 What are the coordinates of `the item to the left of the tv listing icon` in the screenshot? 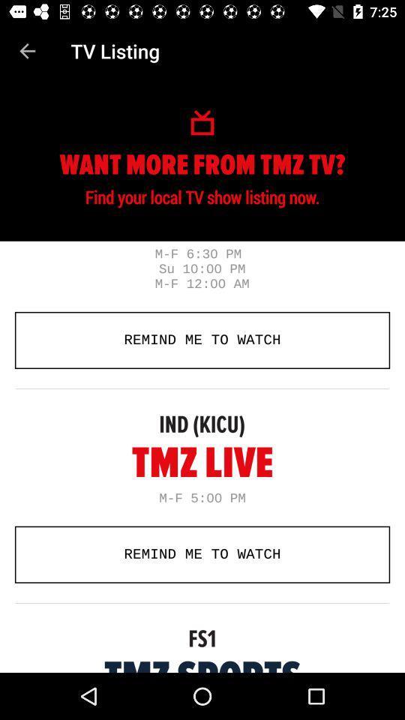 It's located at (27, 51).